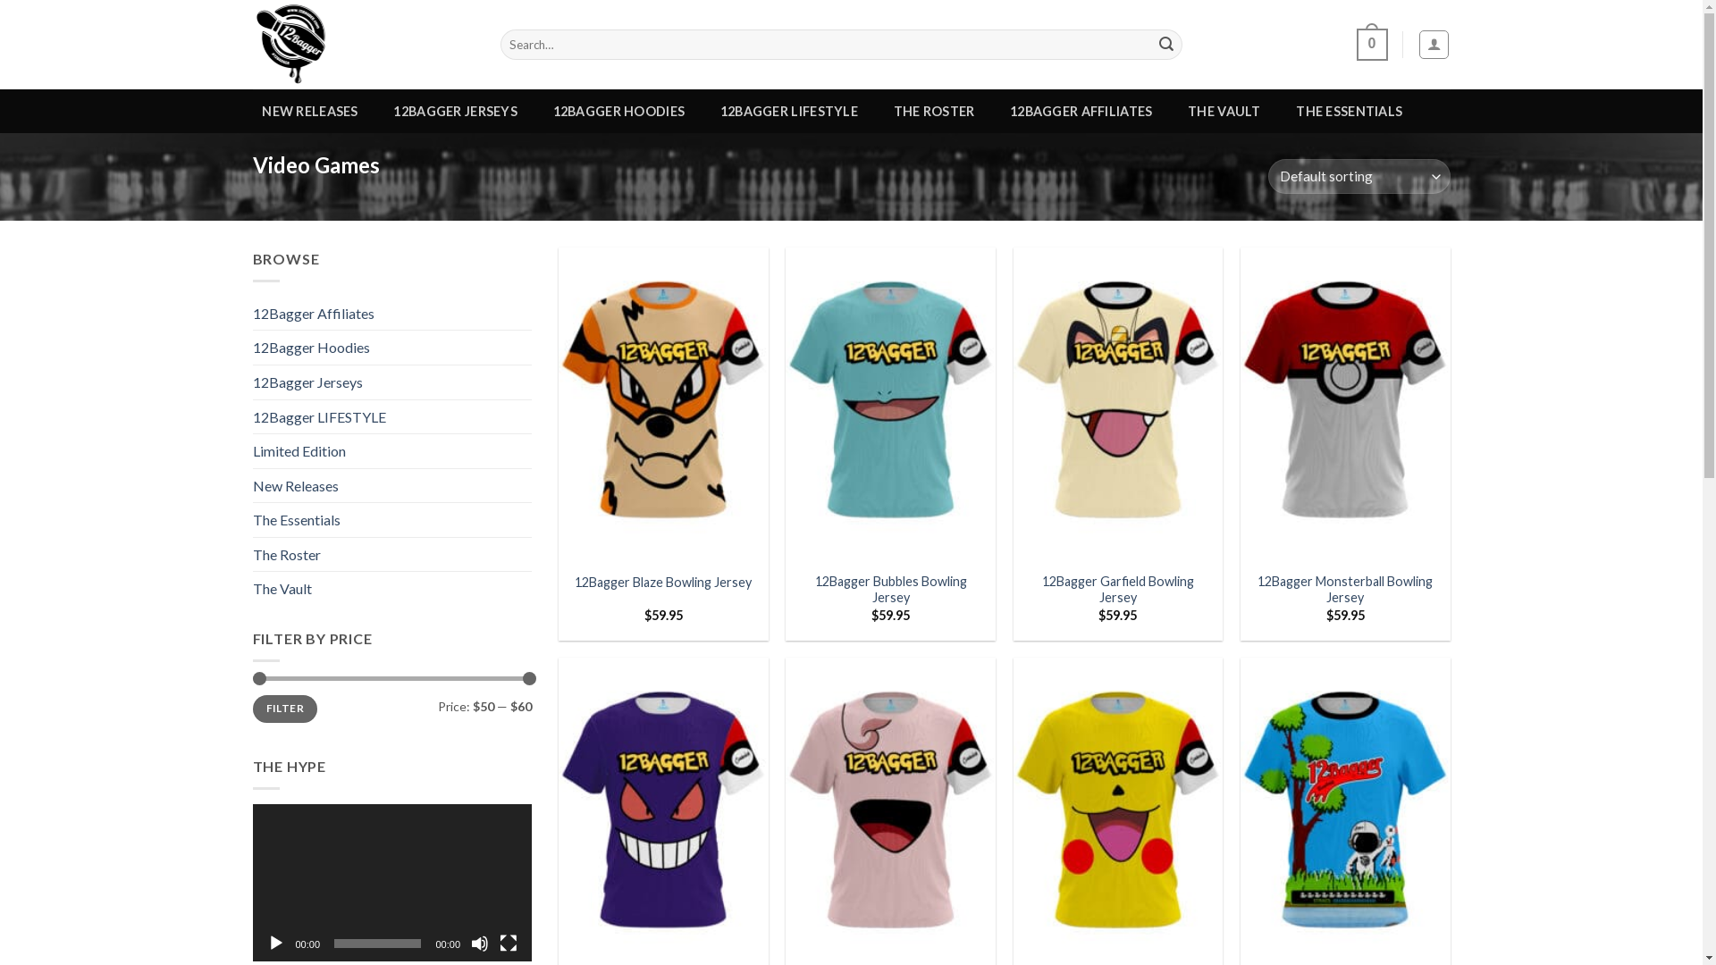 The image size is (1716, 965). Describe the element at coordinates (1223, 111) in the screenshot. I see `'THE VAULT'` at that location.